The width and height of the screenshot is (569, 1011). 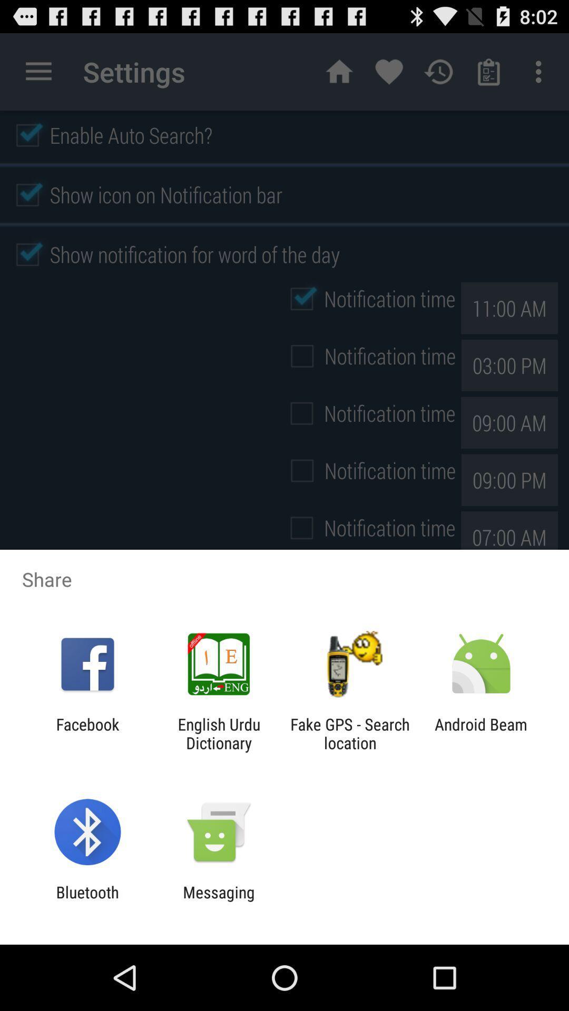 I want to click on icon next to english urdu dictionary, so click(x=350, y=733).